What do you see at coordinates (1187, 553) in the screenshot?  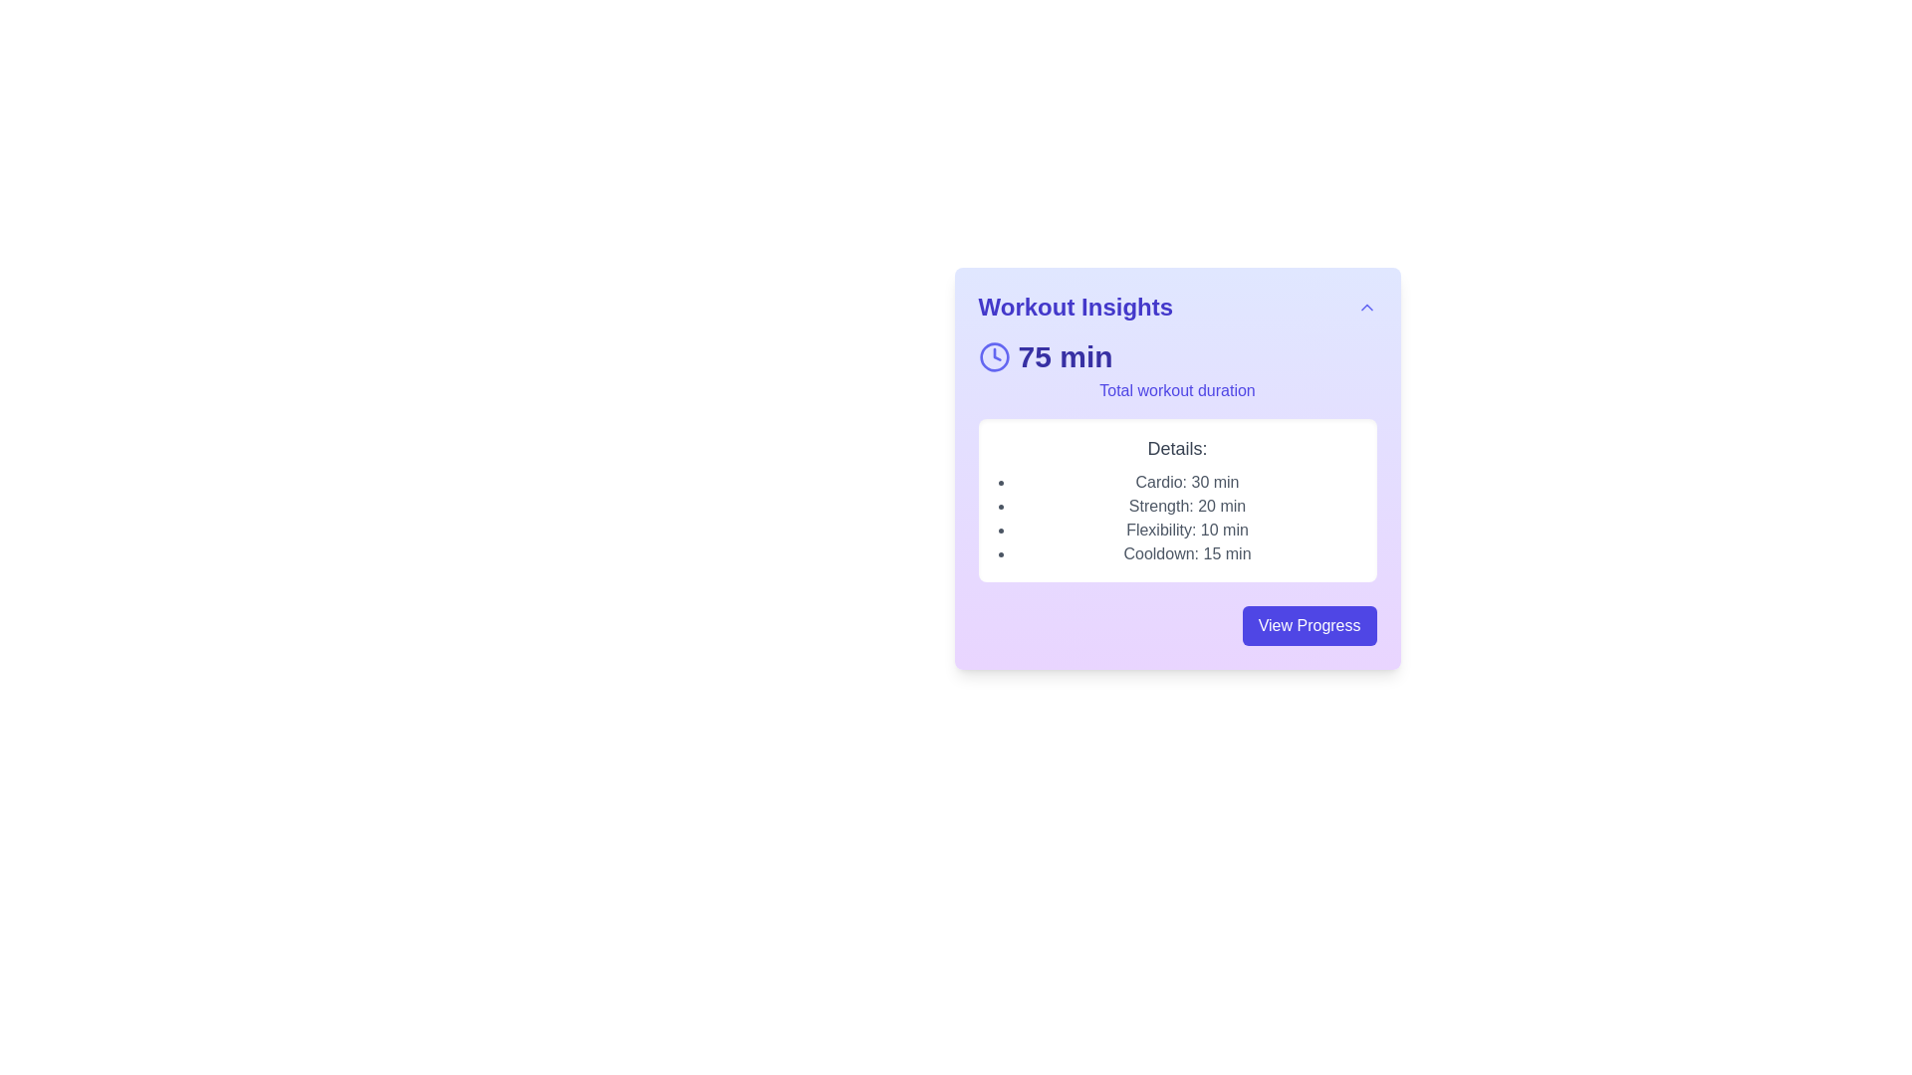 I see `Text label element displaying 'Cooldown: 15 min', which is the last item in the 'Details:' section of the 'Workout Insights' card` at bounding box center [1187, 553].